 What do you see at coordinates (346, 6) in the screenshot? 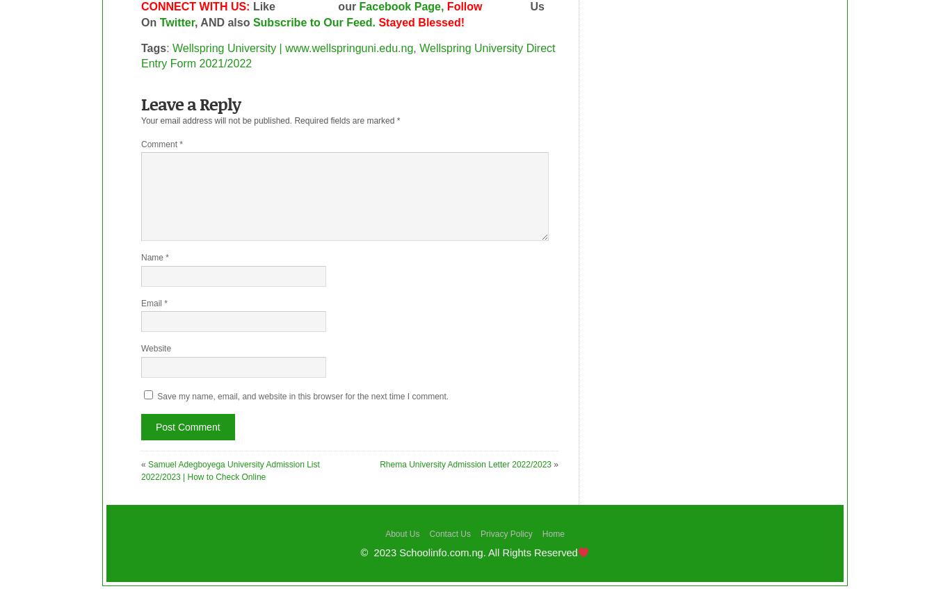
I see `'our'` at bounding box center [346, 6].